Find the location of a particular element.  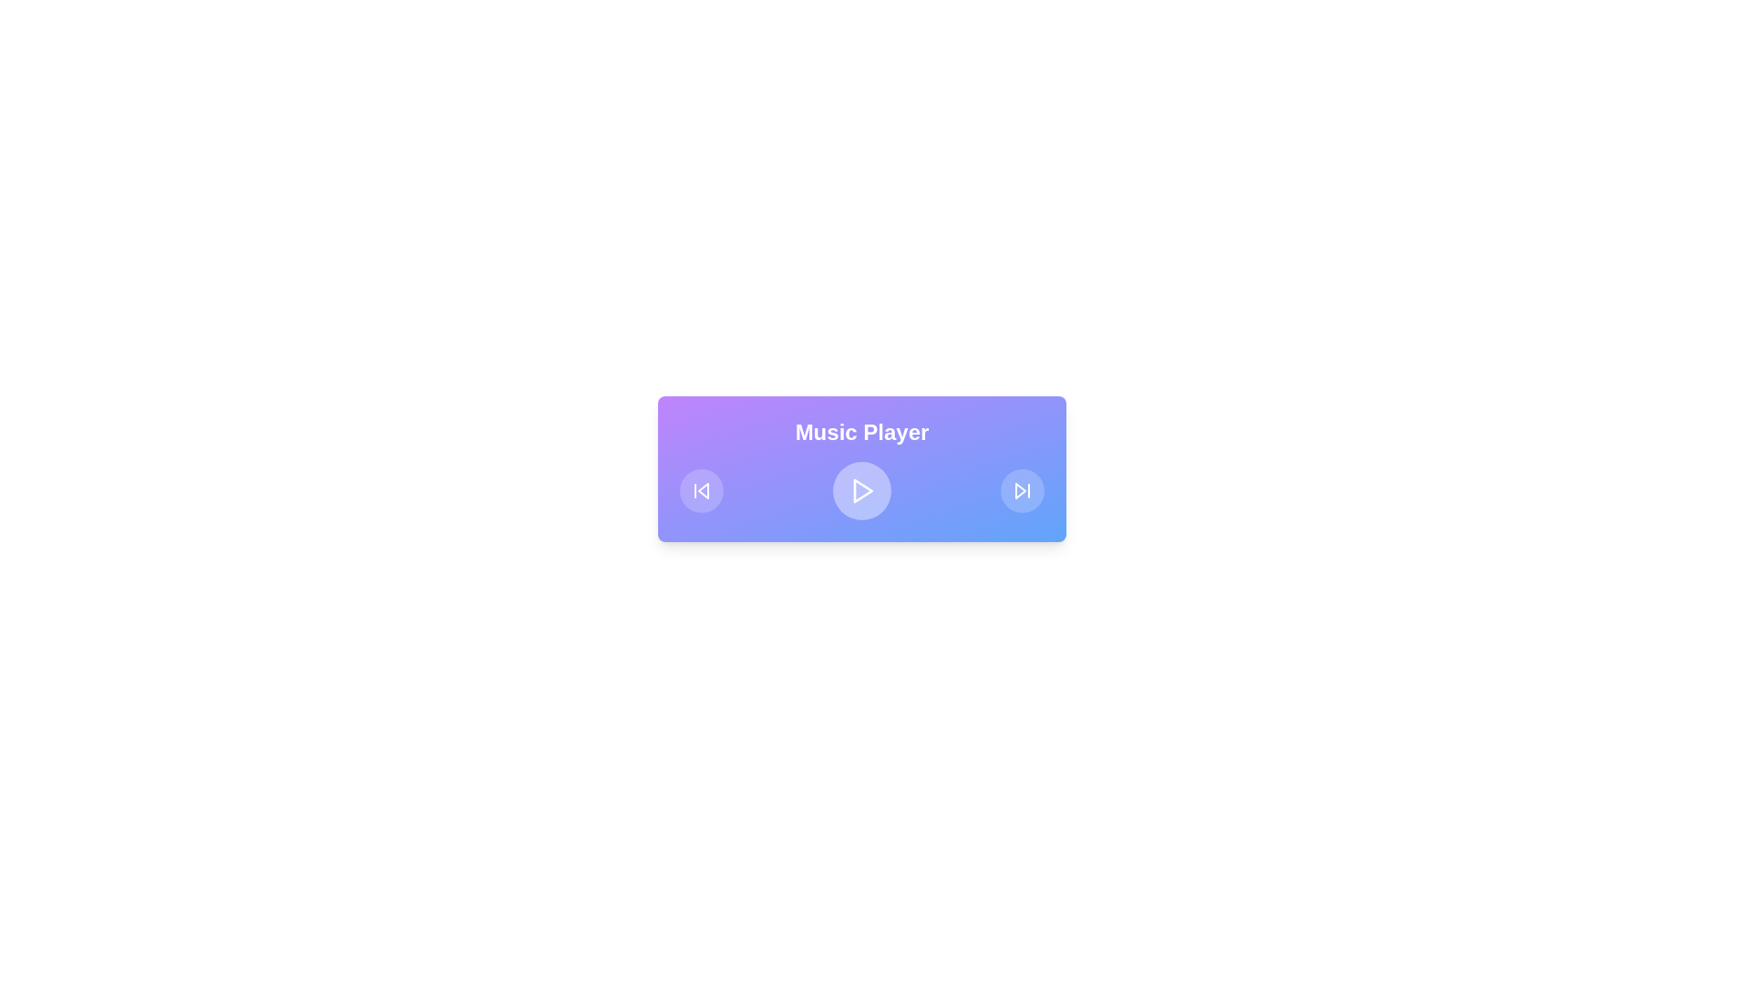

the central circular play button with a white play symbol is located at coordinates (860, 490).